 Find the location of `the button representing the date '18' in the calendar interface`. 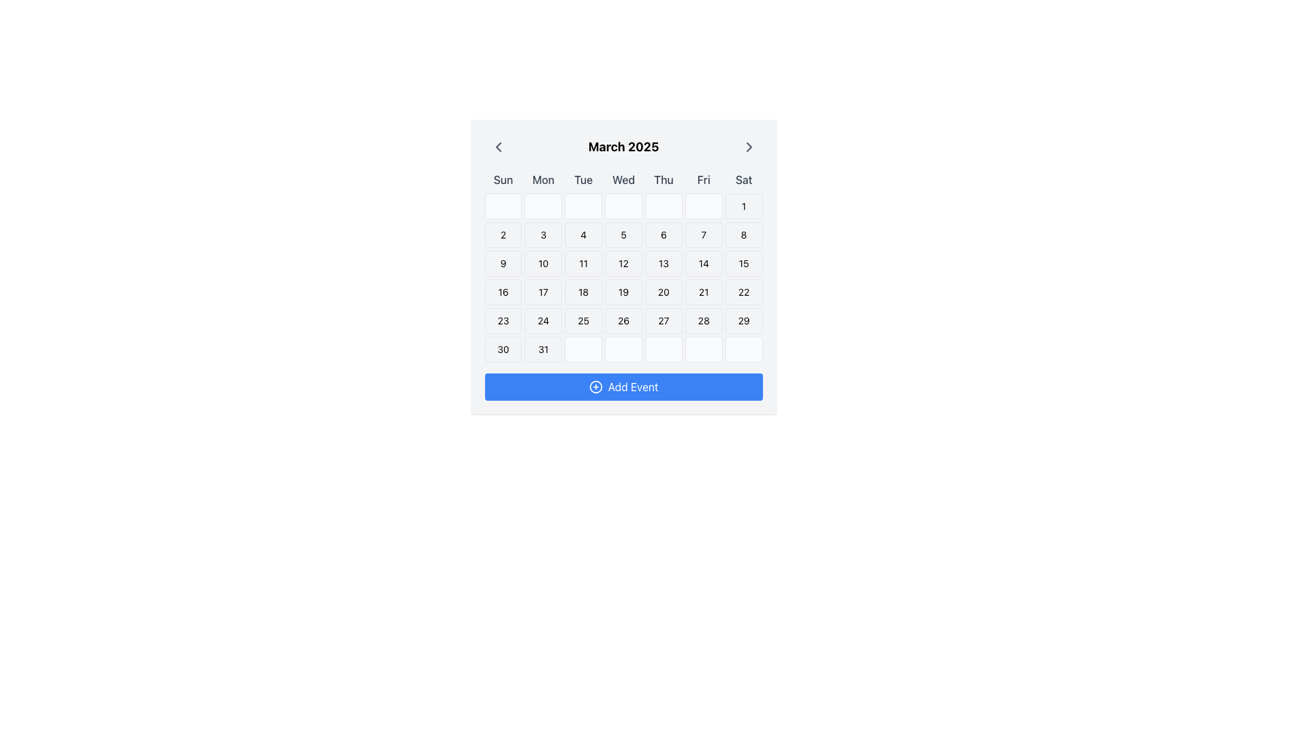

the button representing the date '18' in the calendar interface is located at coordinates (583, 291).